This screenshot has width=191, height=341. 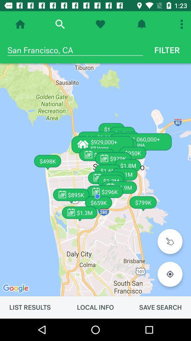 What do you see at coordinates (141, 24) in the screenshot?
I see `bell icon` at bounding box center [141, 24].